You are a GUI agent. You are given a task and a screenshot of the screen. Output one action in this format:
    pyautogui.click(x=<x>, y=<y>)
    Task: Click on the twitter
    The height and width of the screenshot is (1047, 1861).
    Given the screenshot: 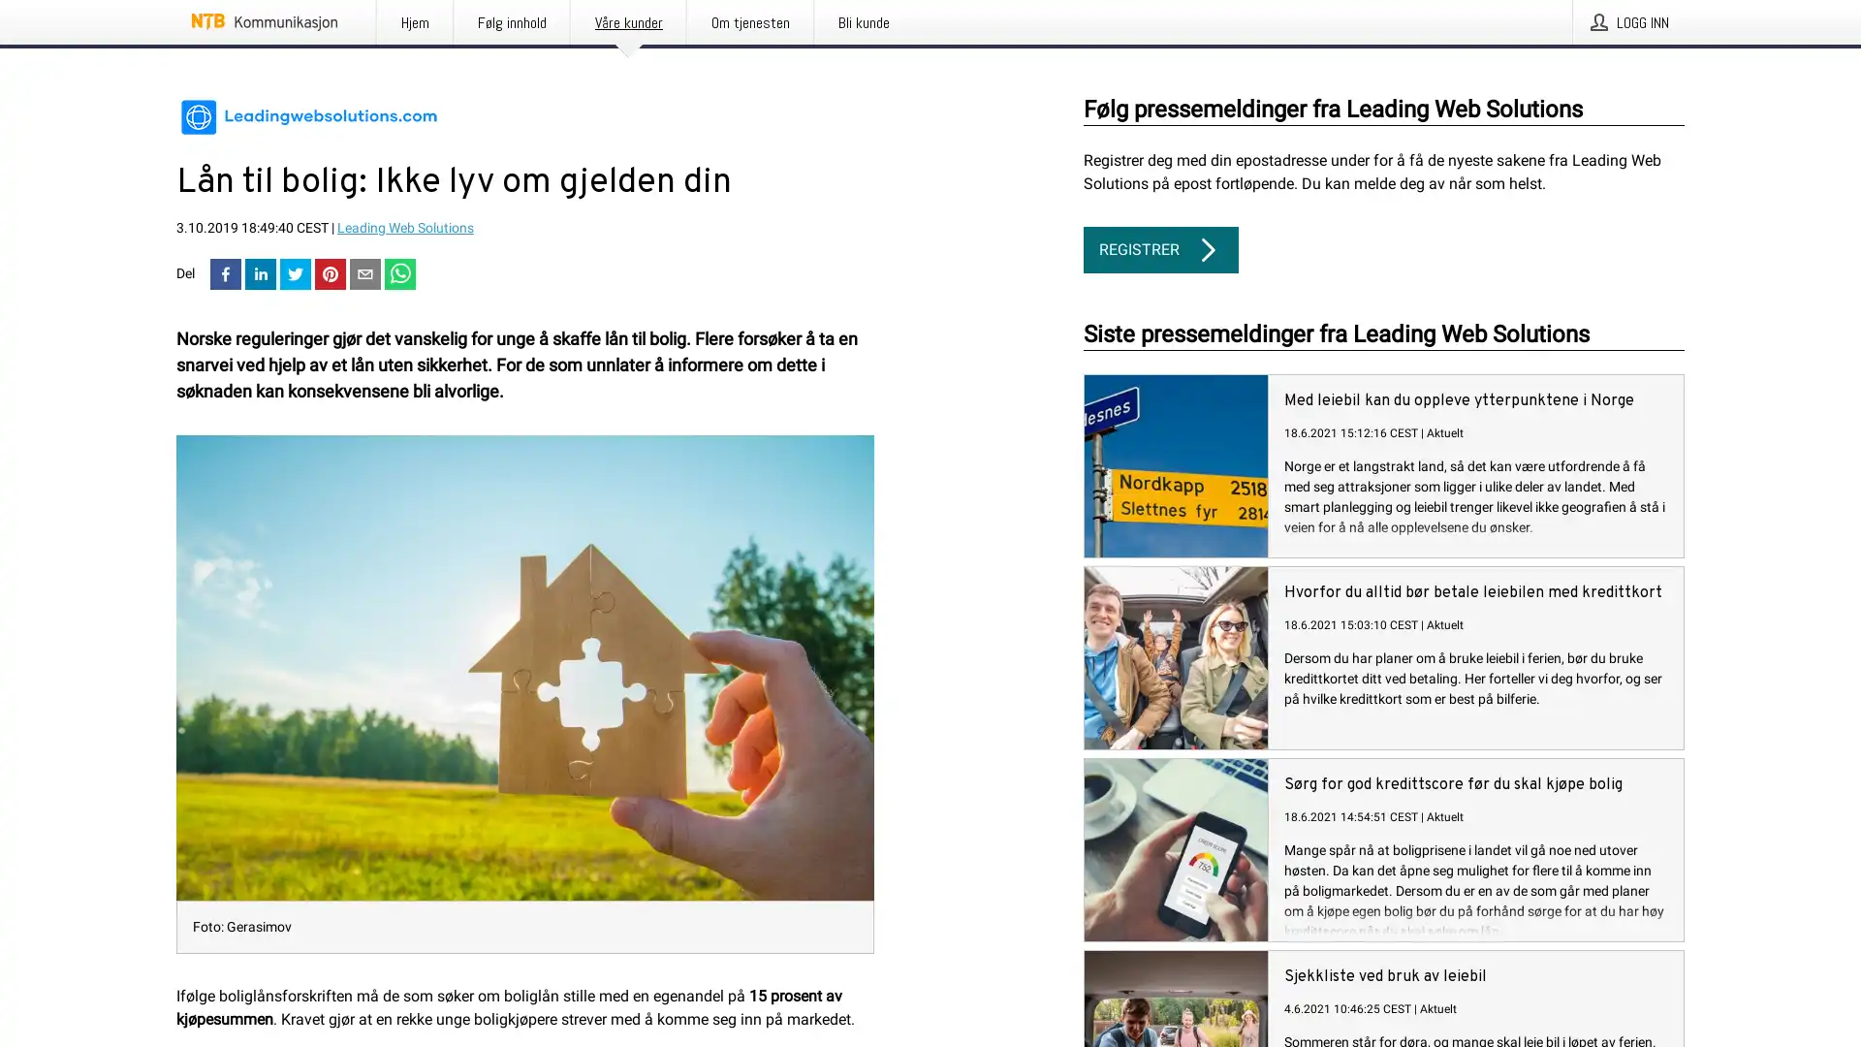 What is the action you would take?
    pyautogui.click(x=295, y=276)
    